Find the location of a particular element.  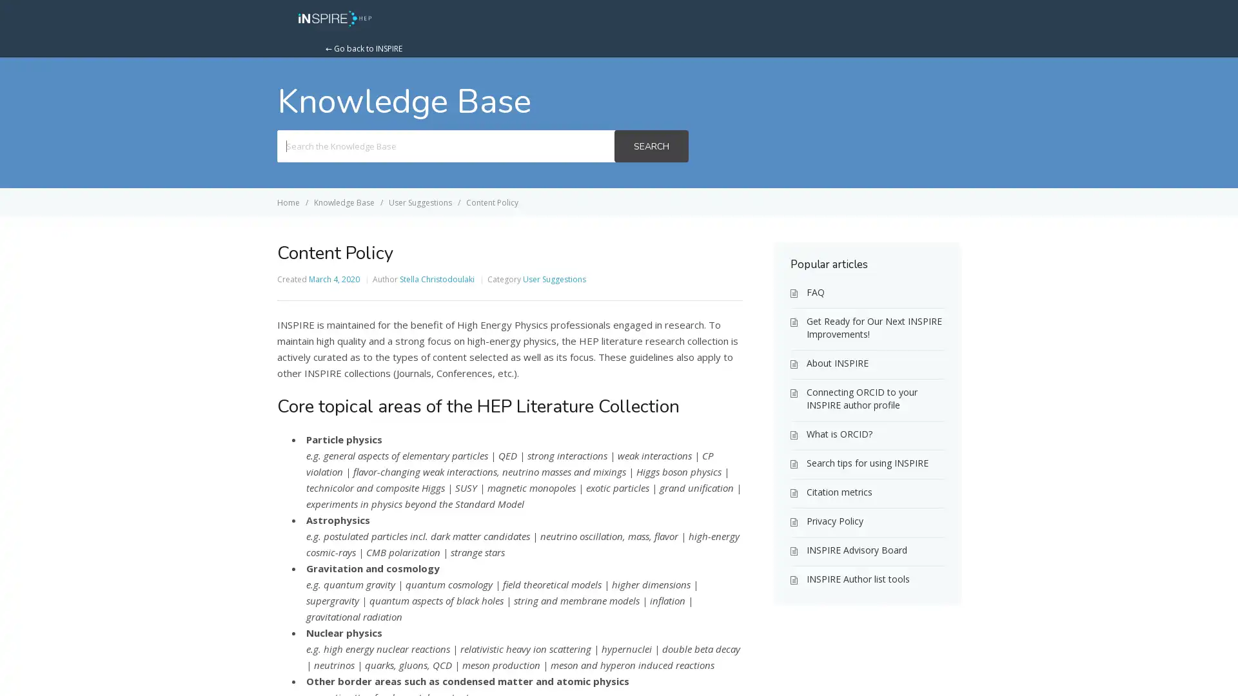

SEARCH is located at coordinates (651, 146).